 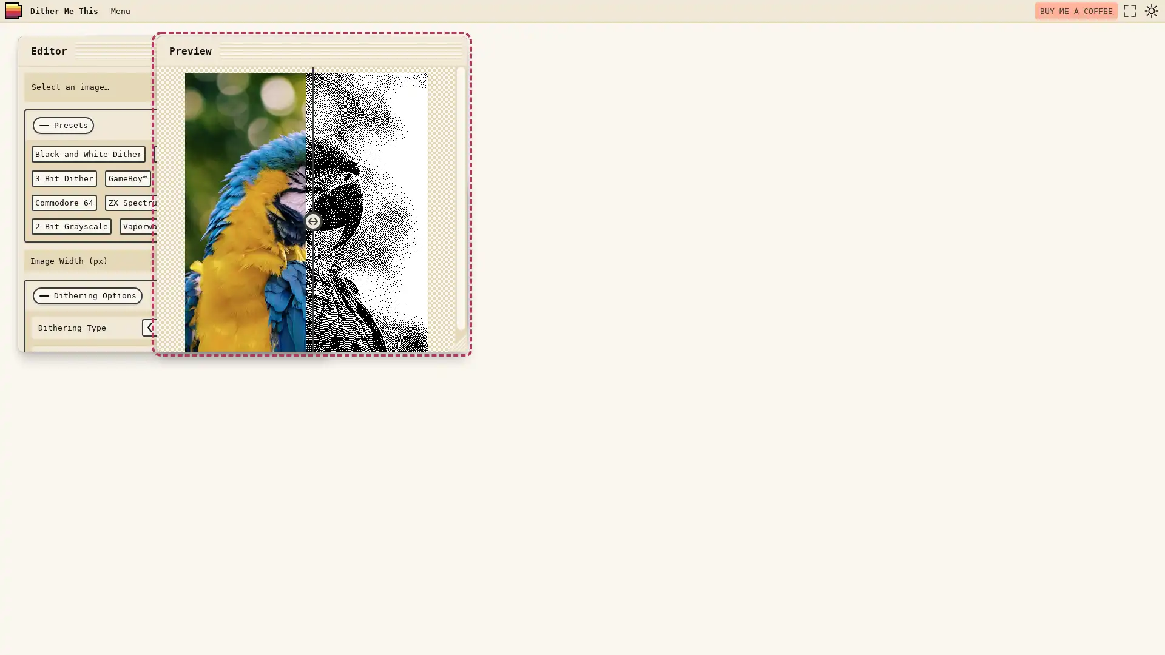 I want to click on ZX Spectrum, so click(x=135, y=201).